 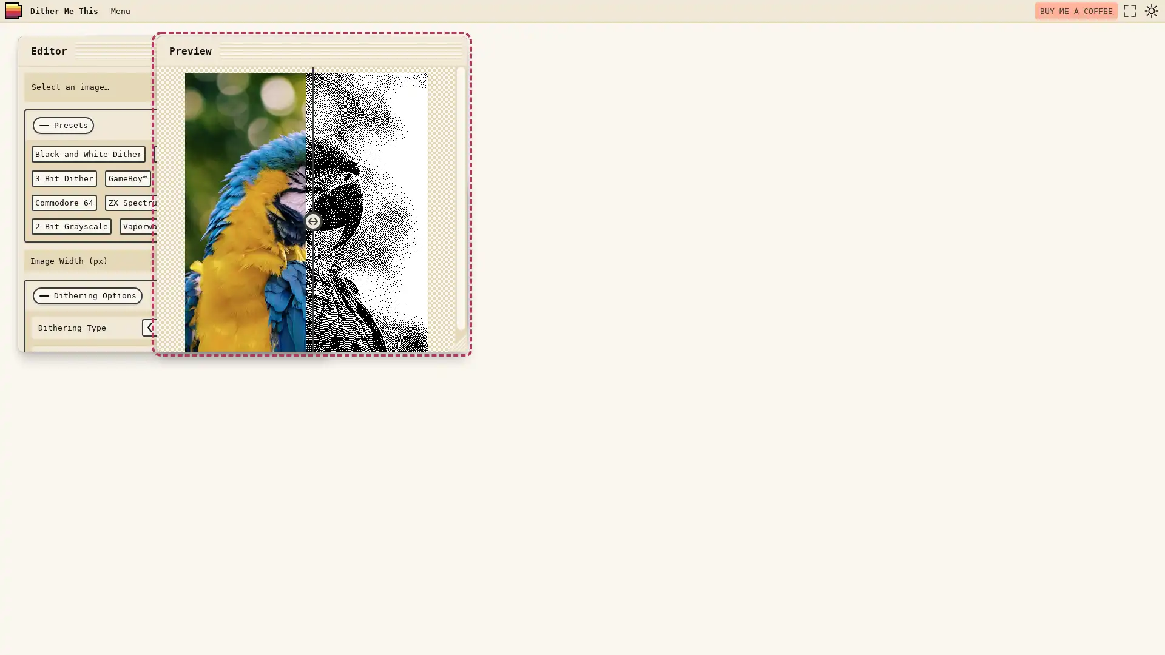 I want to click on ZX Spectrum, so click(x=135, y=201).